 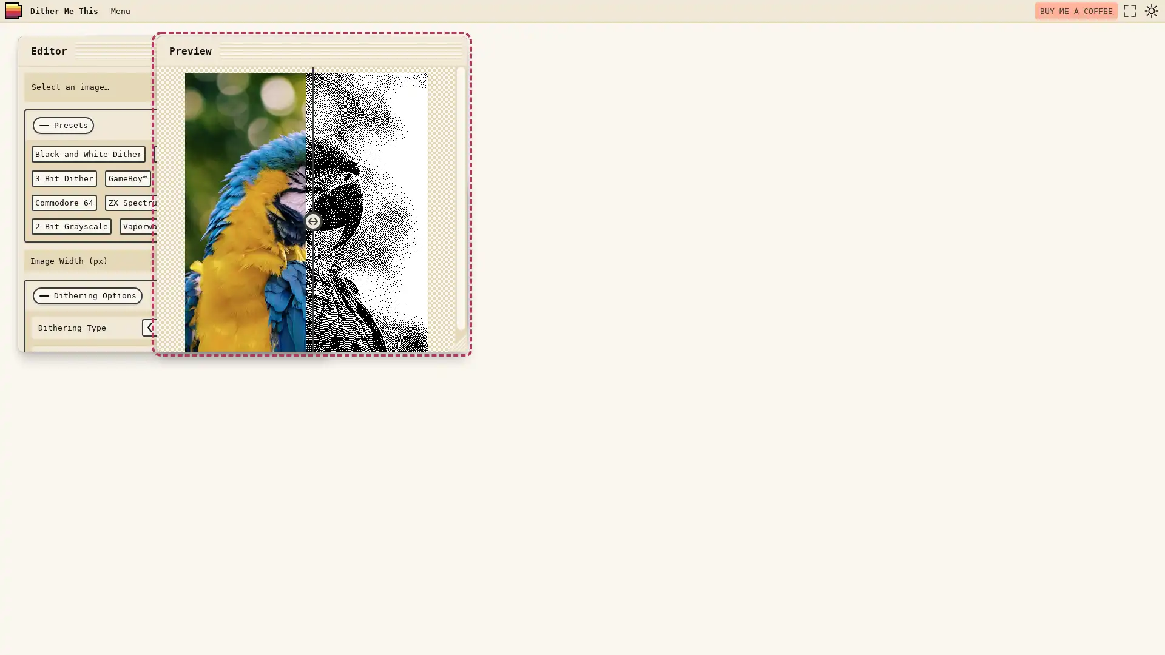 I want to click on ZX Spectrum, so click(x=135, y=201).